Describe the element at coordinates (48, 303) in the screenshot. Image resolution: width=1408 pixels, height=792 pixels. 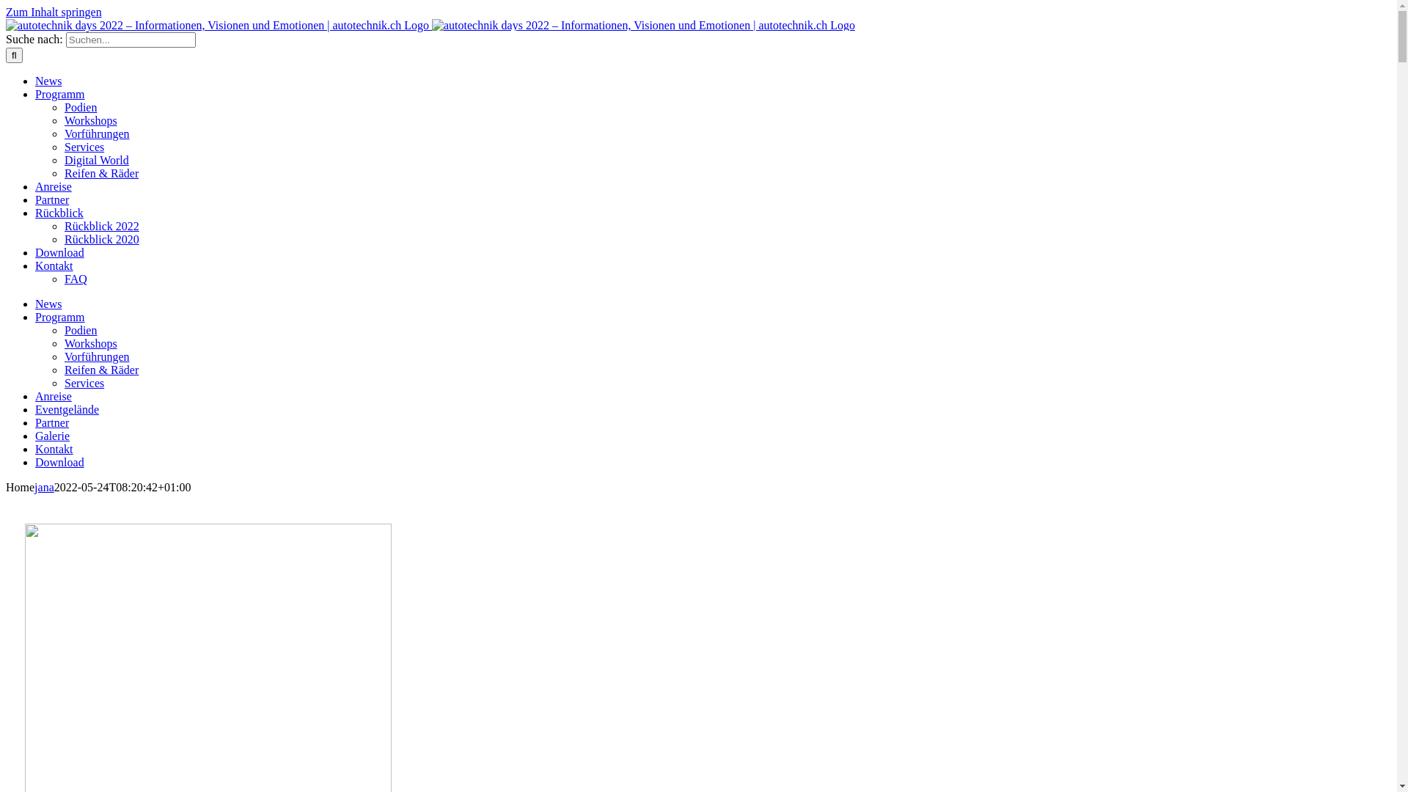
I see `'News'` at that location.